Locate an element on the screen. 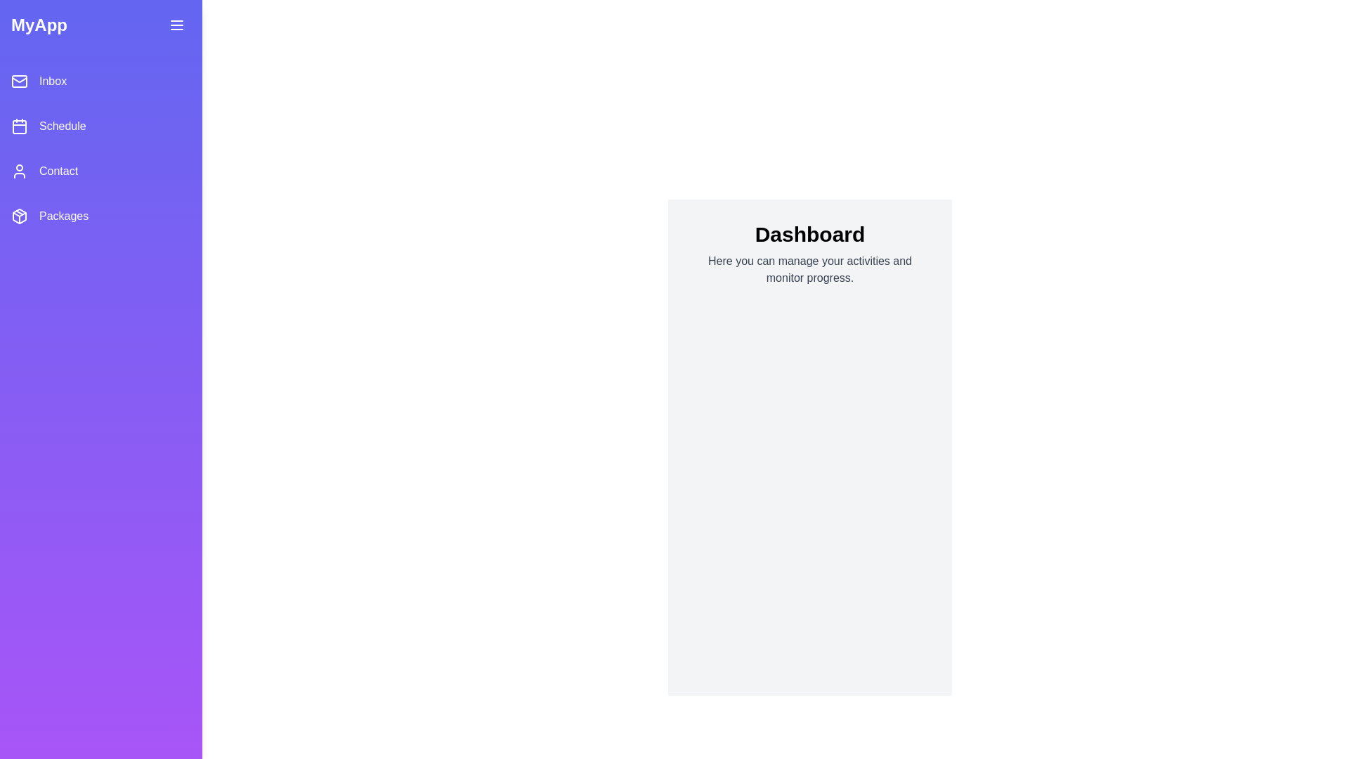  the menu item labeled Contact to navigate to the corresponding section is located at coordinates (100, 170).